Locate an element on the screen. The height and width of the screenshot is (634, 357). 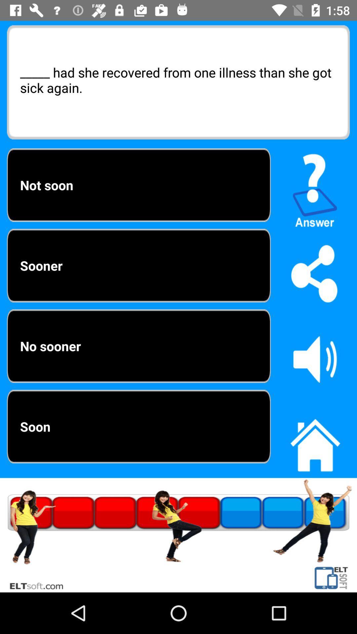
share button is located at coordinates (315, 273).